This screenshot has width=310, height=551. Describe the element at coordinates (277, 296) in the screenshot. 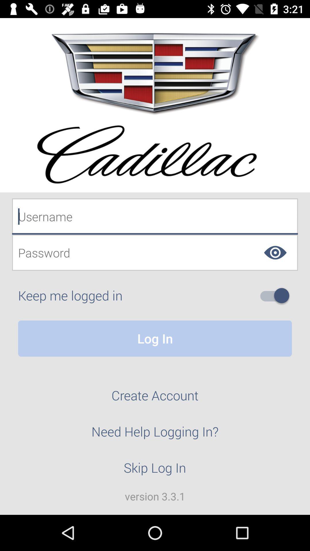

I see `on/off auto log in` at that location.